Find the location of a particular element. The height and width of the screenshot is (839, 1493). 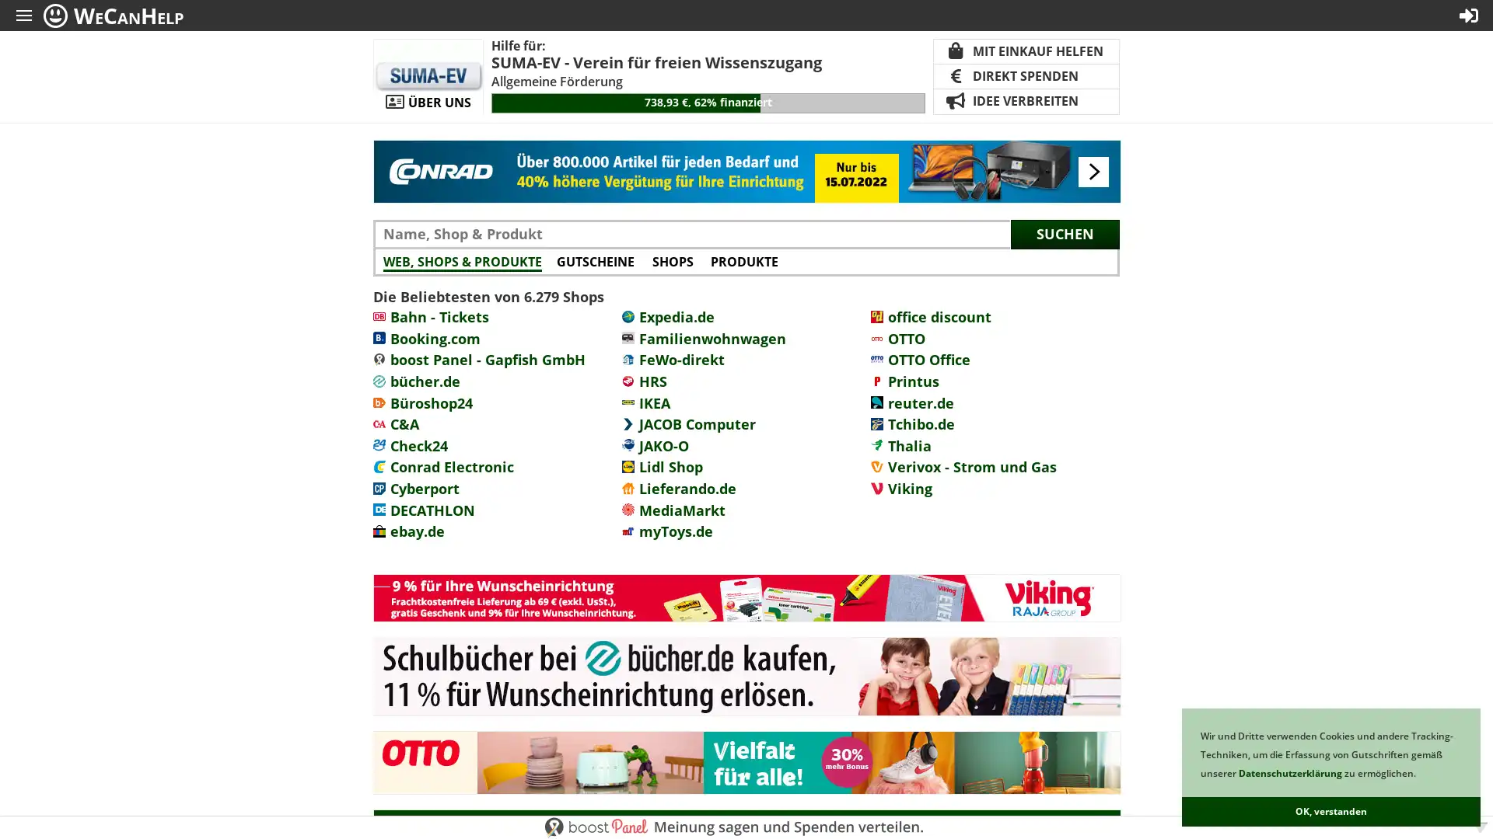

Suchen is located at coordinates (1064, 233).